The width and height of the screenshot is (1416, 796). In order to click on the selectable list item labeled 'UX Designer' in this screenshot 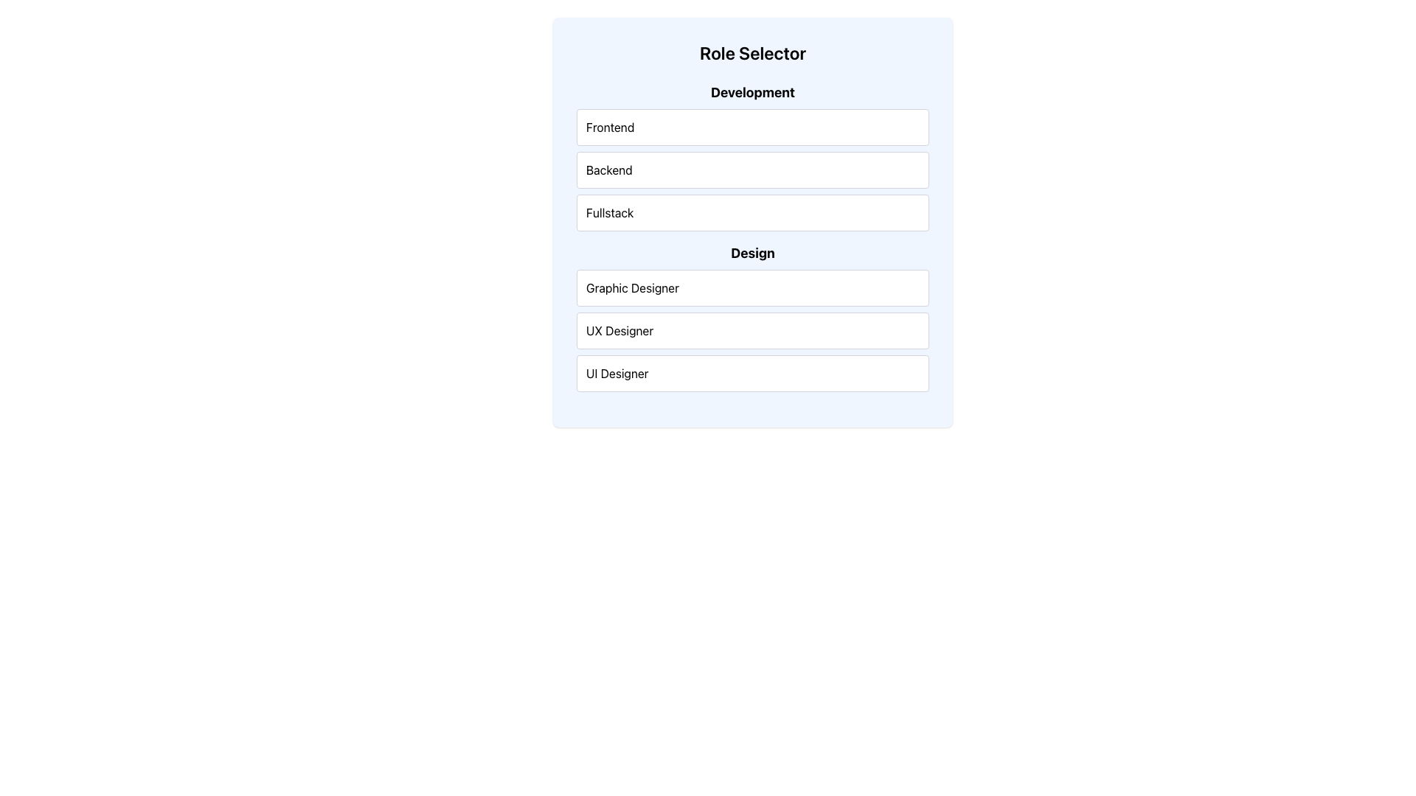, I will do `click(753, 329)`.